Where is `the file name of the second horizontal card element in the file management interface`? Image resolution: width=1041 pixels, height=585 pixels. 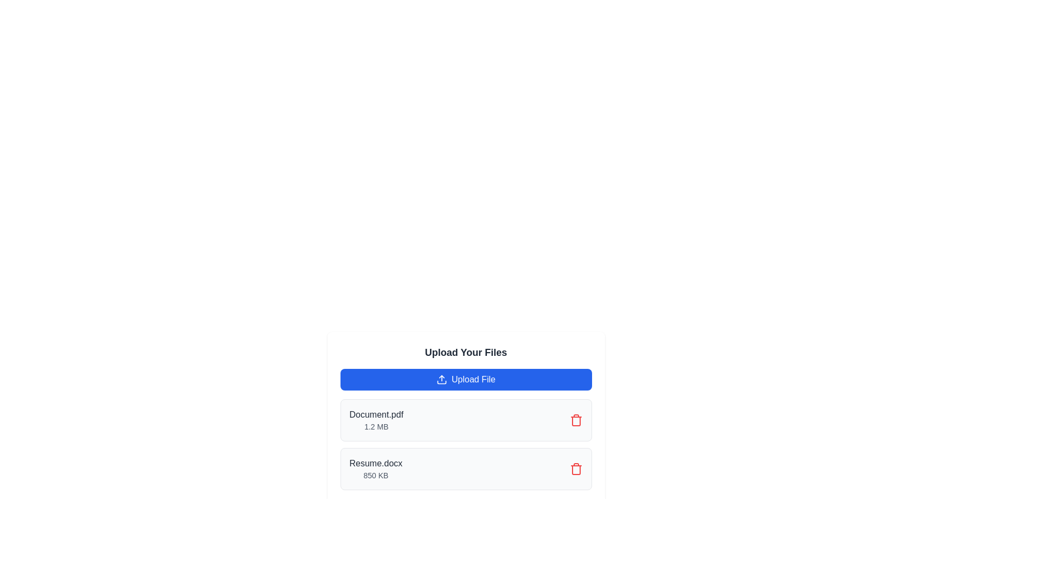
the file name of the second horizontal card element in the file management interface is located at coordinates (466, 469).